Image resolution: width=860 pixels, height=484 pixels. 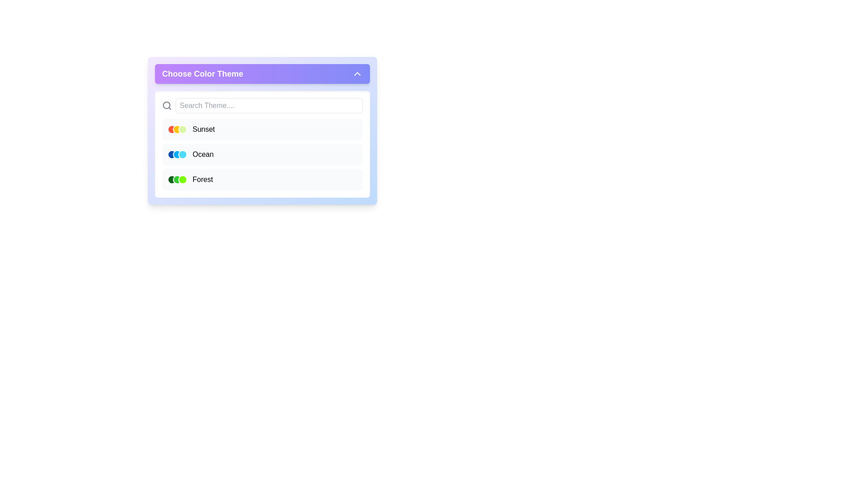 I want to click on the visual indicator representing the 'Sunset' theme, which is the first icon in the 'Choose Color Theme' dropdown menu, located to the left of the 'Sunset' label, so click(x=177, y=130).